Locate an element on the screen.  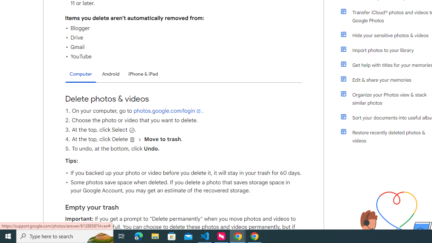
'Computer' is located at coordinates (81, 74).